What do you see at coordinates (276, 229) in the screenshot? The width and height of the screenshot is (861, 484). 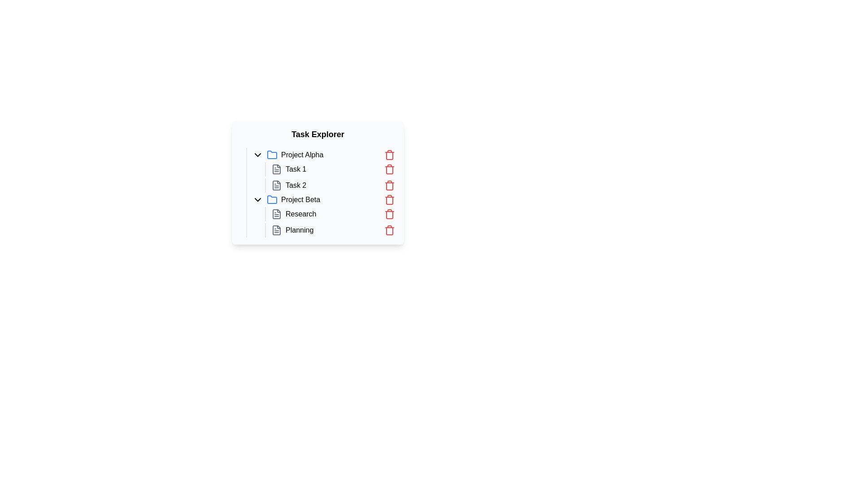 I see `the gray file icon with a simplistic line design, which is located immediately before the 'Planning' text item` at bounding box center [276, 229].